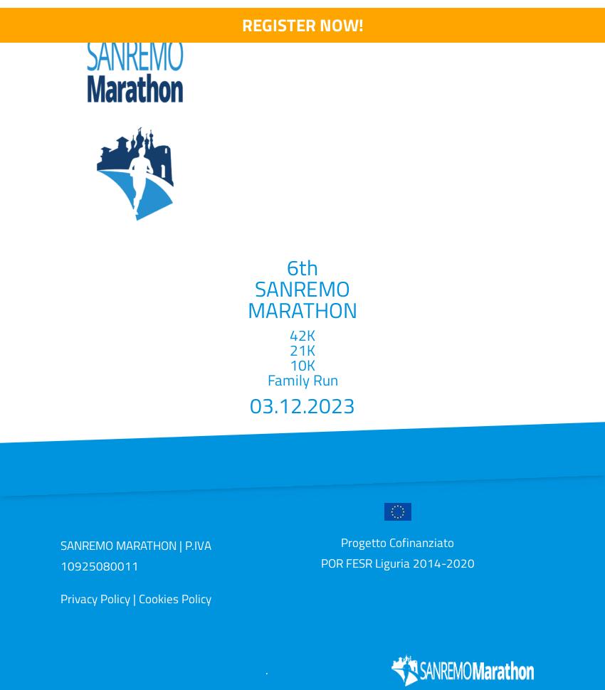 Image resolution: width=605 pixels, height=690 pixels. I want to click on 'Family Run', so click(302, 379).